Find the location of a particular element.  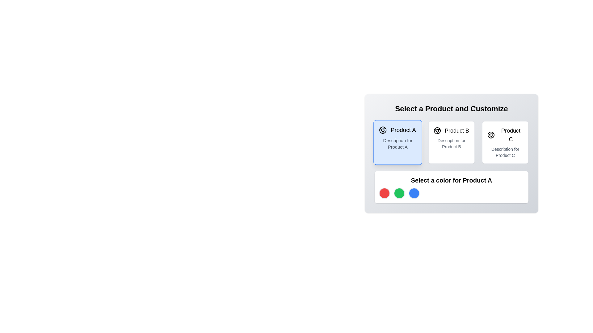

the middle circular button in the row of color options is located at coordinates (399, 193).